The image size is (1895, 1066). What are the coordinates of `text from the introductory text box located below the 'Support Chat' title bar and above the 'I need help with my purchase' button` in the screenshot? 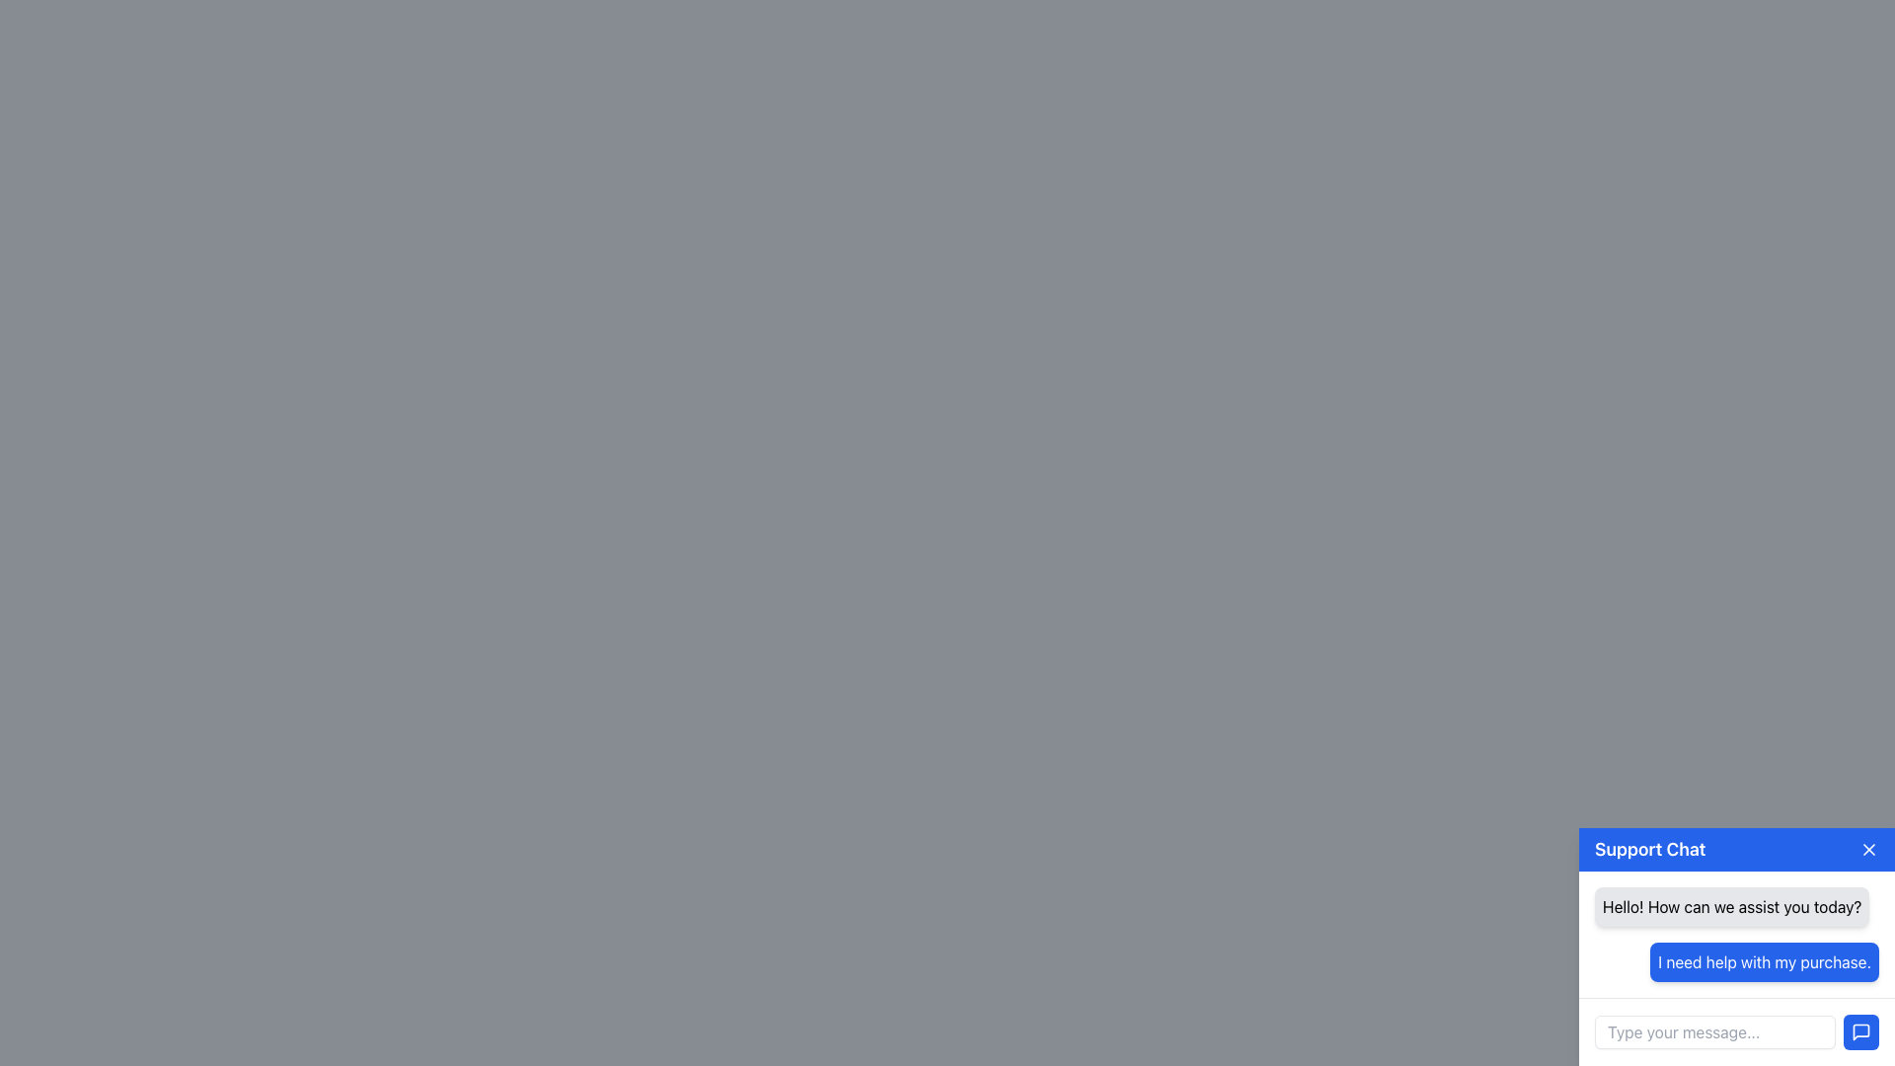 It's located at (1731, 906).